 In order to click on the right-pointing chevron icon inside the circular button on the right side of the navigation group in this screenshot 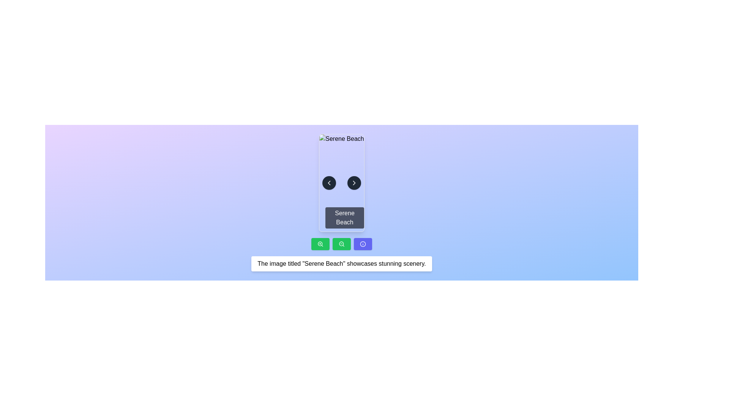, I will do `click(353, 183)`.